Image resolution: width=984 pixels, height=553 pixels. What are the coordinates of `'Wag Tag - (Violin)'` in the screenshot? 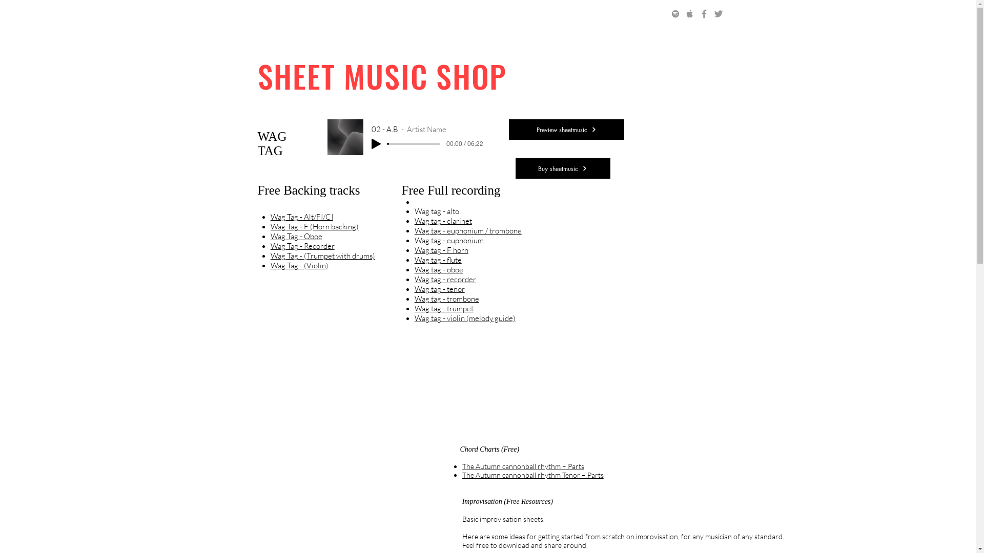 It's located at (299, 265).